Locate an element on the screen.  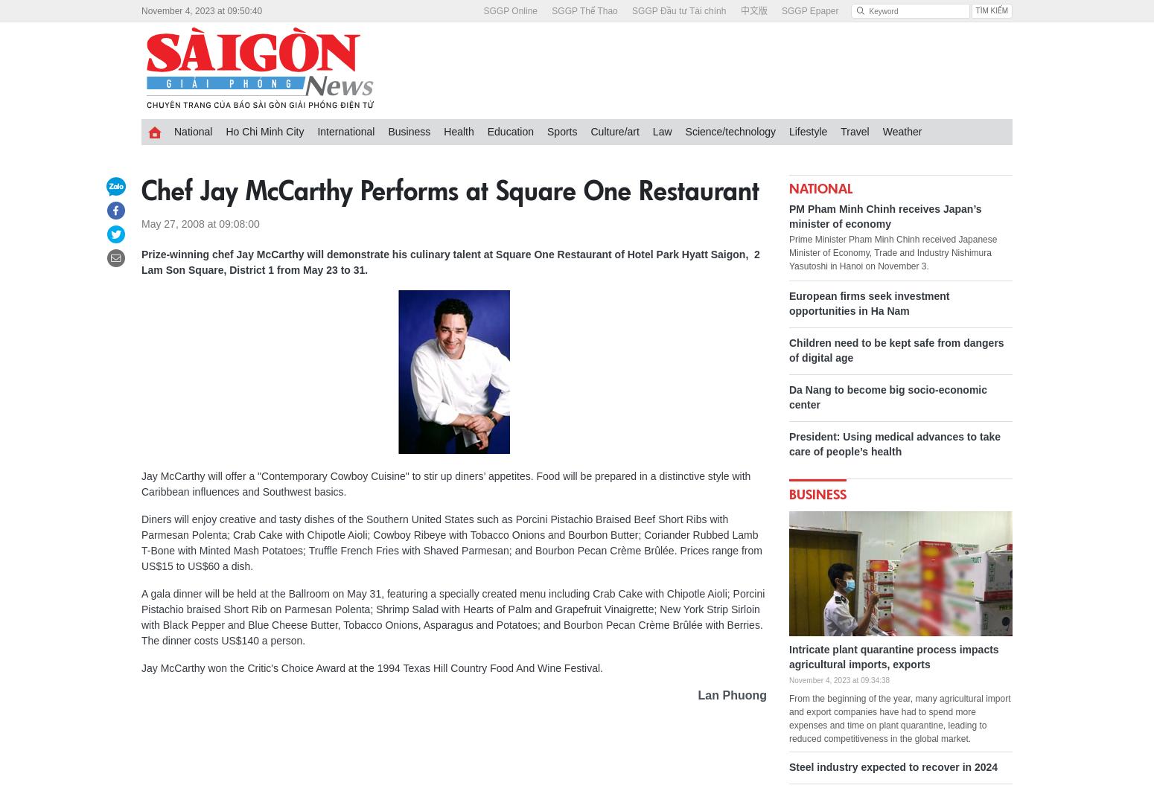
'Vietnamese novel published in RoK links two culures' is located at coordinates (742, 281).